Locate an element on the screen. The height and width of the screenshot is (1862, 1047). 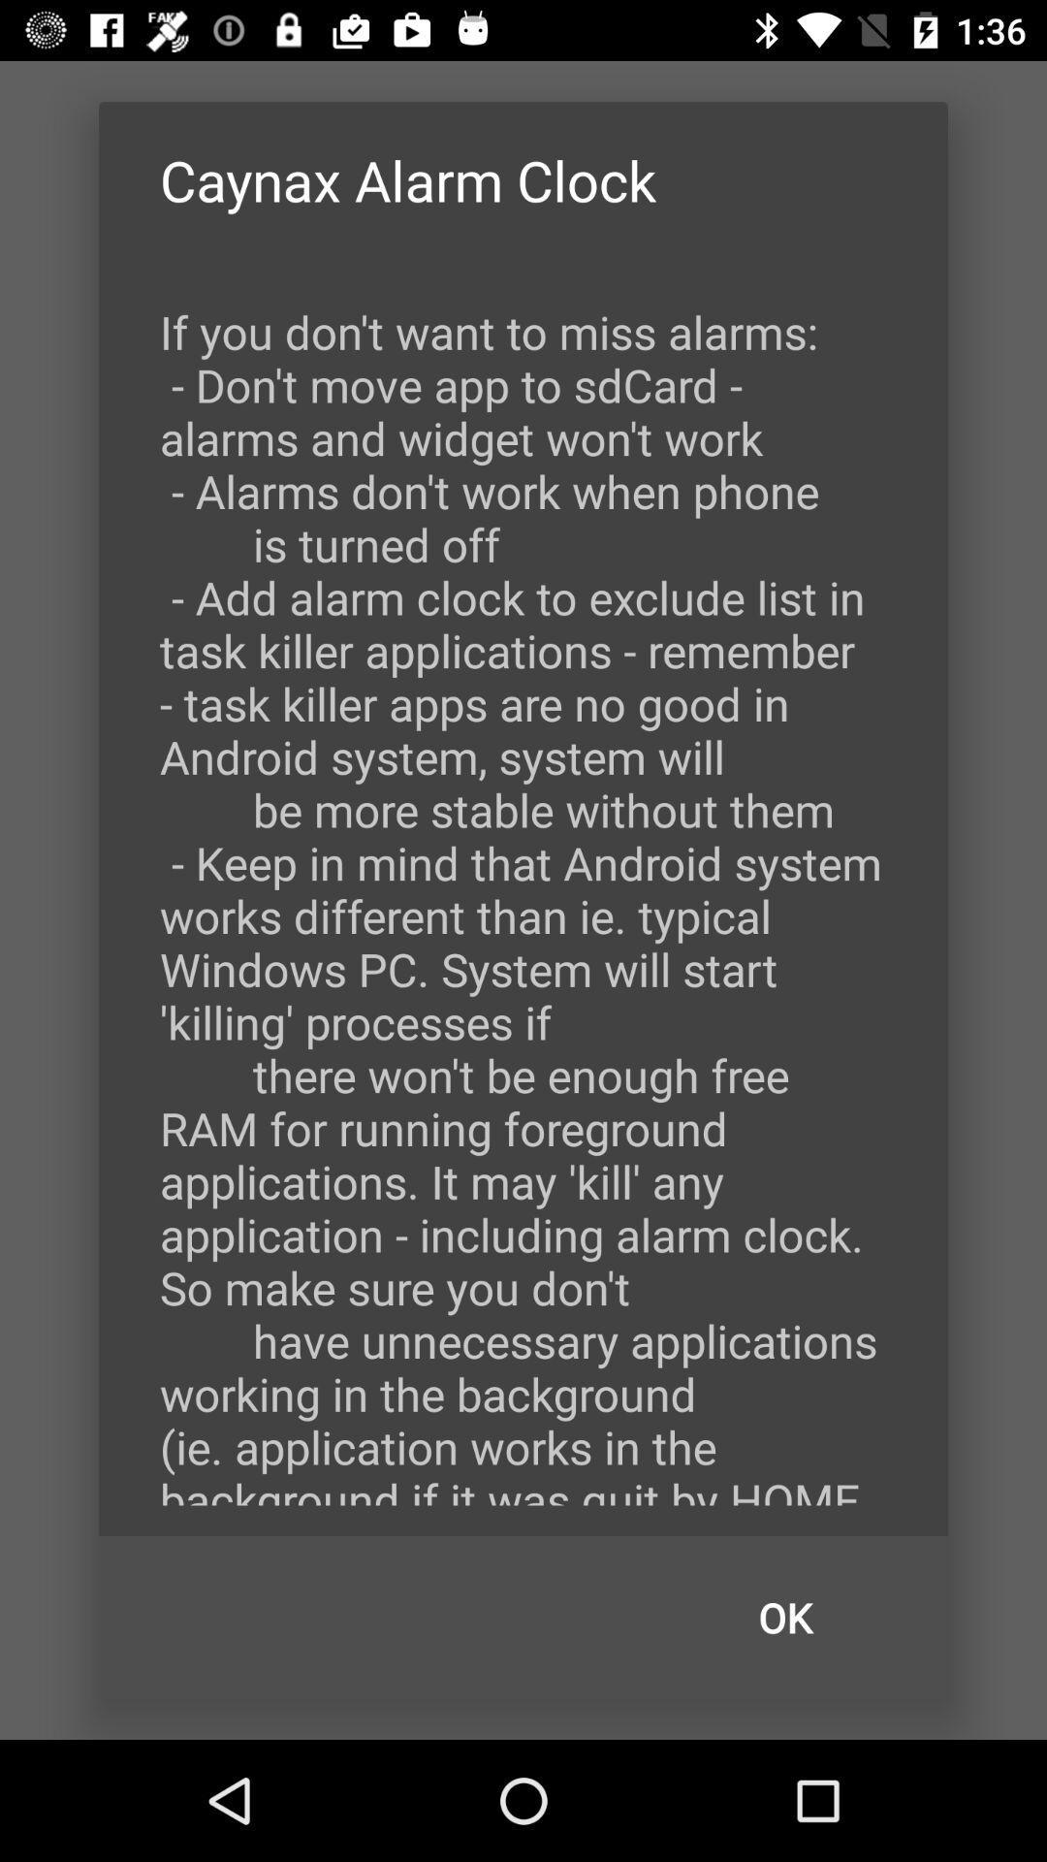
item at the bottom right corner is located at coordinates (785, 1618).